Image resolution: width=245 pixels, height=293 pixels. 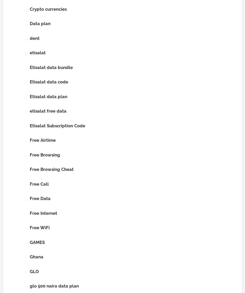 I want to click on 'etisalat', so click(x=30, y=53).